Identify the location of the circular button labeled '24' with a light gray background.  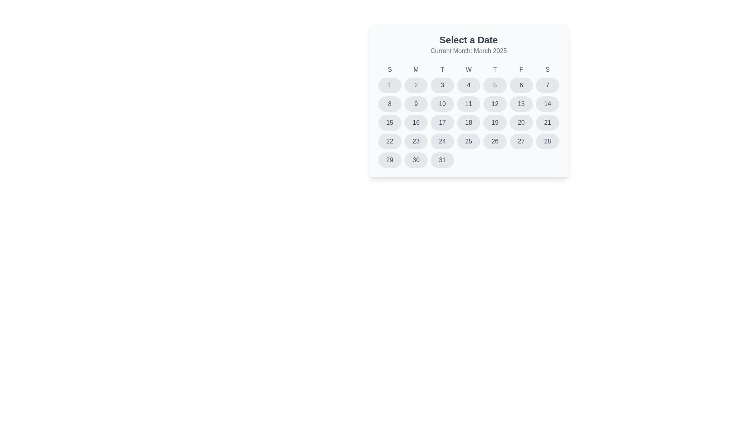
(442, 141).